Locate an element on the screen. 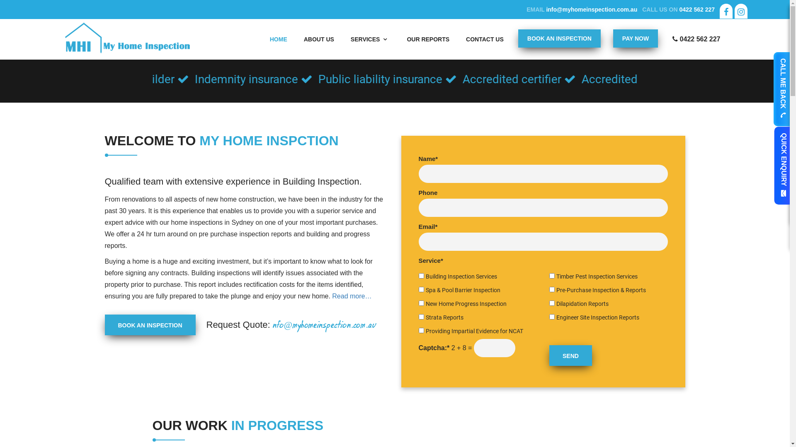 The height and width of the screenshot is (447, 796). 'SEND' is located at coordinates (570, 355).